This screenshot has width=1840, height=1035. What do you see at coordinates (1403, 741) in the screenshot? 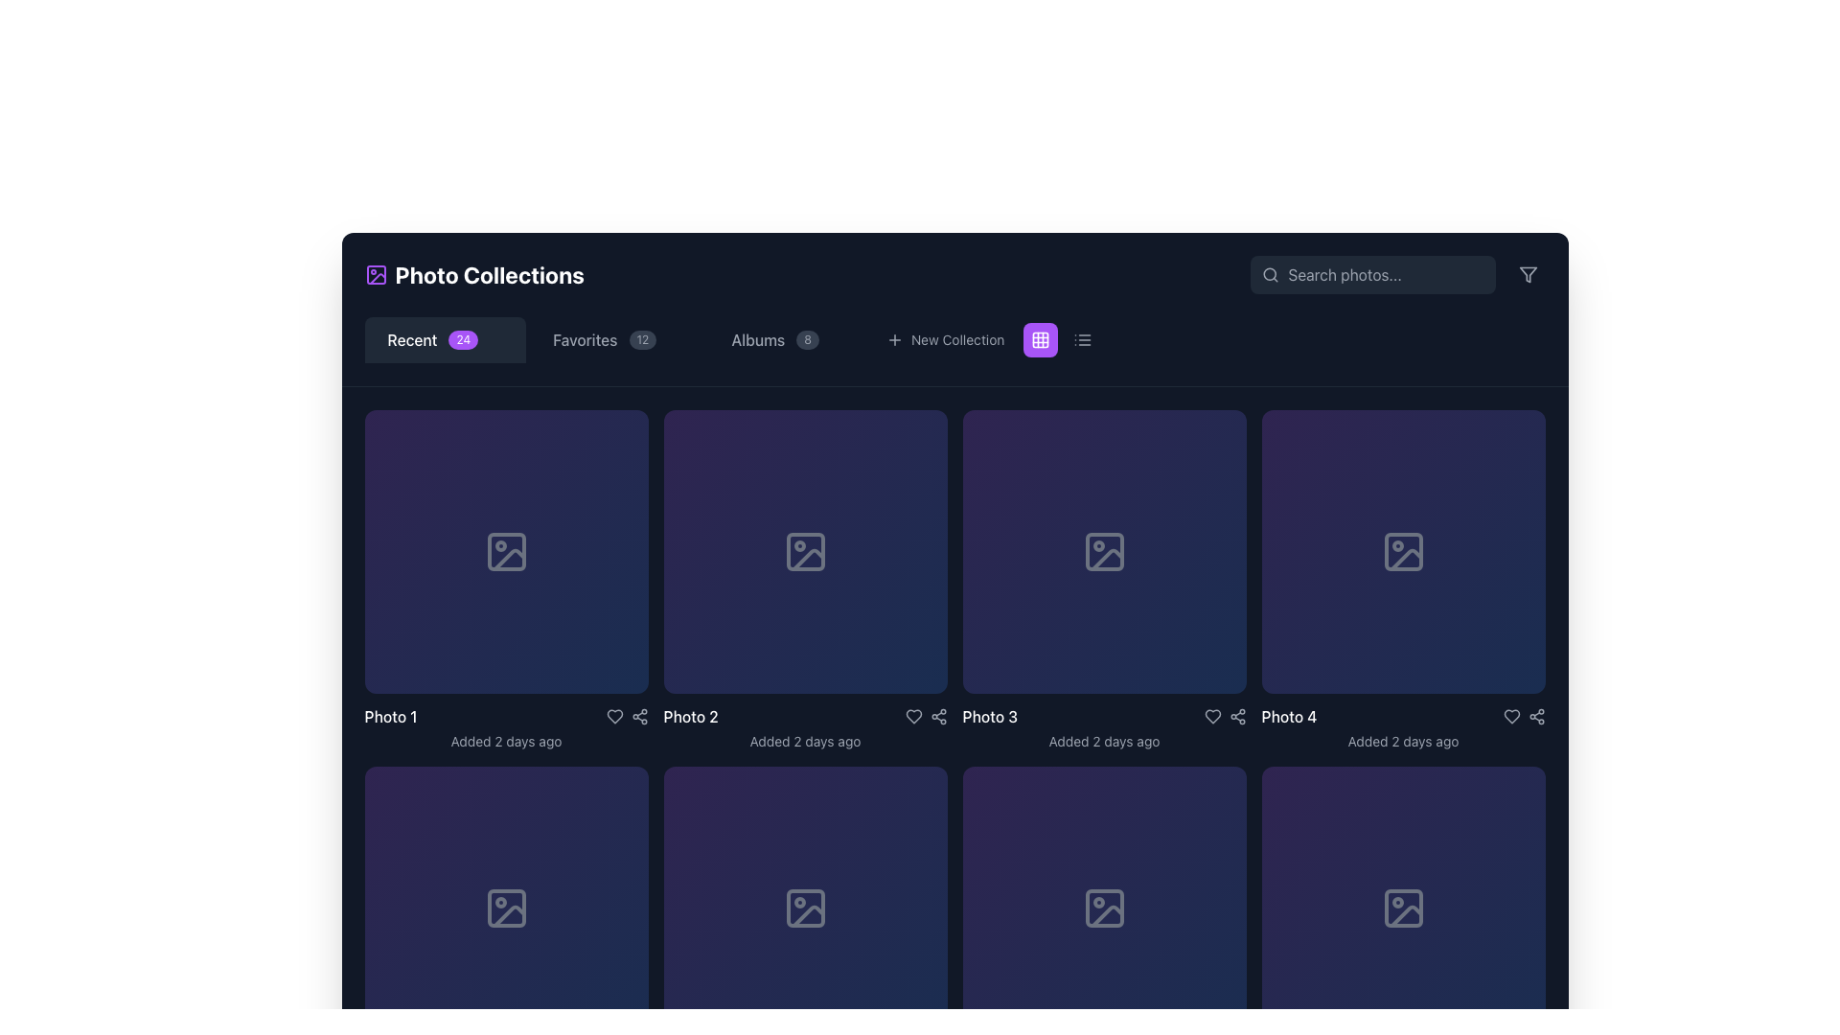
I see `the text element providing metadata about the image below the title 'Photo 4' in the fourth grid item of the gallery layout` at bounding box center [1403, 741].